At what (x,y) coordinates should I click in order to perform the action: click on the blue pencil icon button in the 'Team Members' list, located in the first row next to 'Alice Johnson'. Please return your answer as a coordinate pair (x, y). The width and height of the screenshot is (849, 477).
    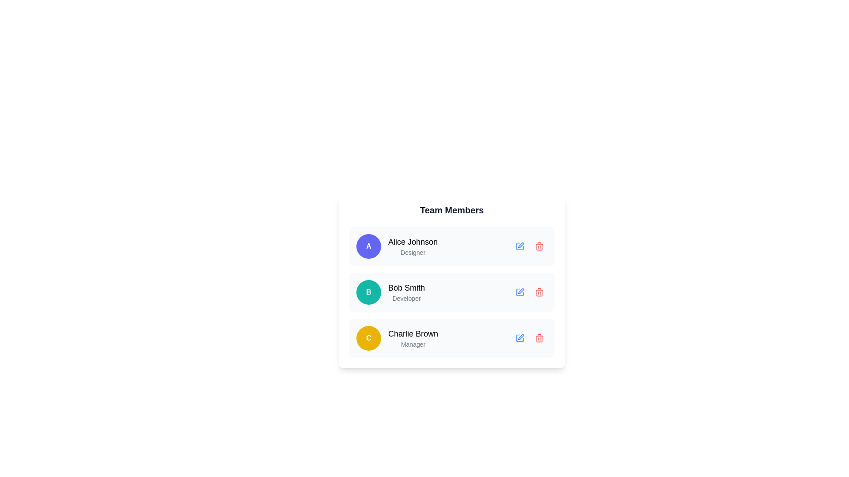
    Looking at the image, I should click on (520, 246).